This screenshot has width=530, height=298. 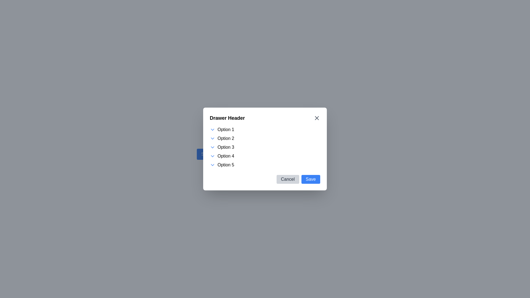 I want to click on the selectable list item labeled 'Option 4' located in the modal window to navigate through list items, so click(x=265, y=156).